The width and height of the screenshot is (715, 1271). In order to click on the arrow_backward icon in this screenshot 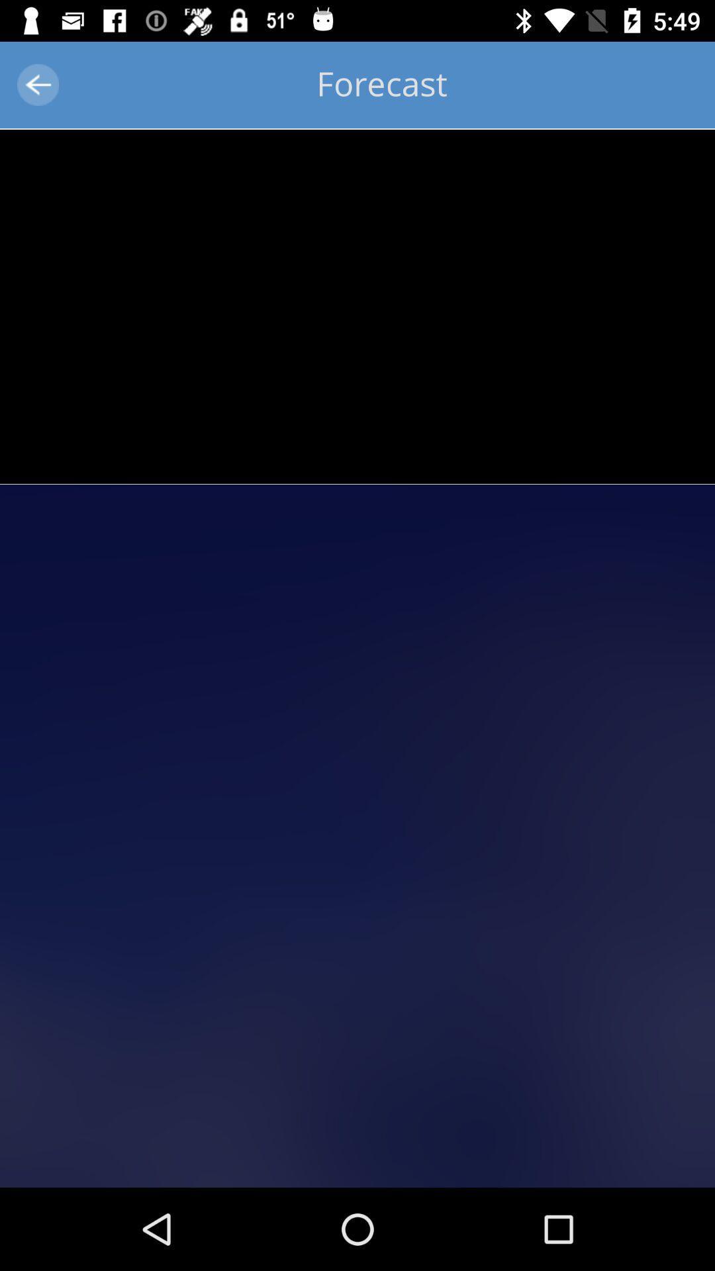, I will do `click(37, 84)`.